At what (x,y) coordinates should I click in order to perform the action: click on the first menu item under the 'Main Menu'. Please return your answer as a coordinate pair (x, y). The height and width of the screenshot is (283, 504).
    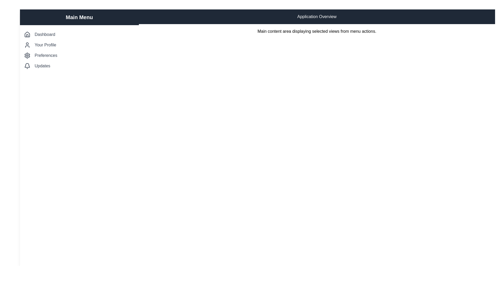
    Looking at the image, I should click on (79, 34).